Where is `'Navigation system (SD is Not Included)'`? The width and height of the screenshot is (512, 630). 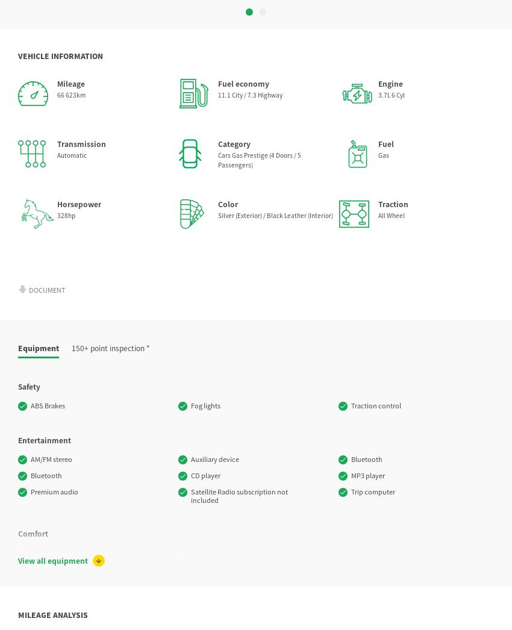
'Navigation system (SD is Not Included)' is located at coordinates (250, 437).